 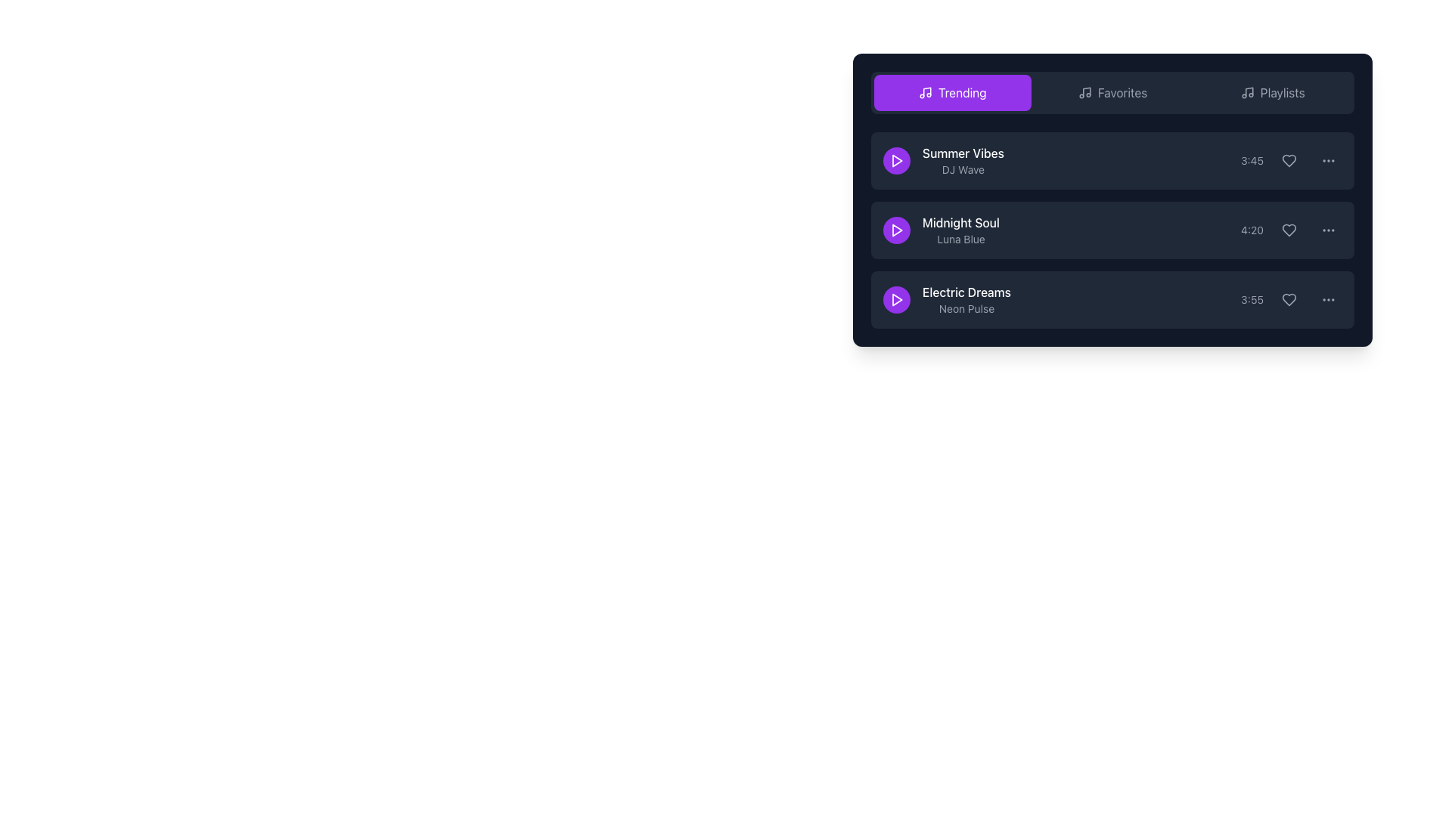 I want to click on the circular purple button with a white play icon to play the 'Electric Dreams' track, so click(x=896, y=300).